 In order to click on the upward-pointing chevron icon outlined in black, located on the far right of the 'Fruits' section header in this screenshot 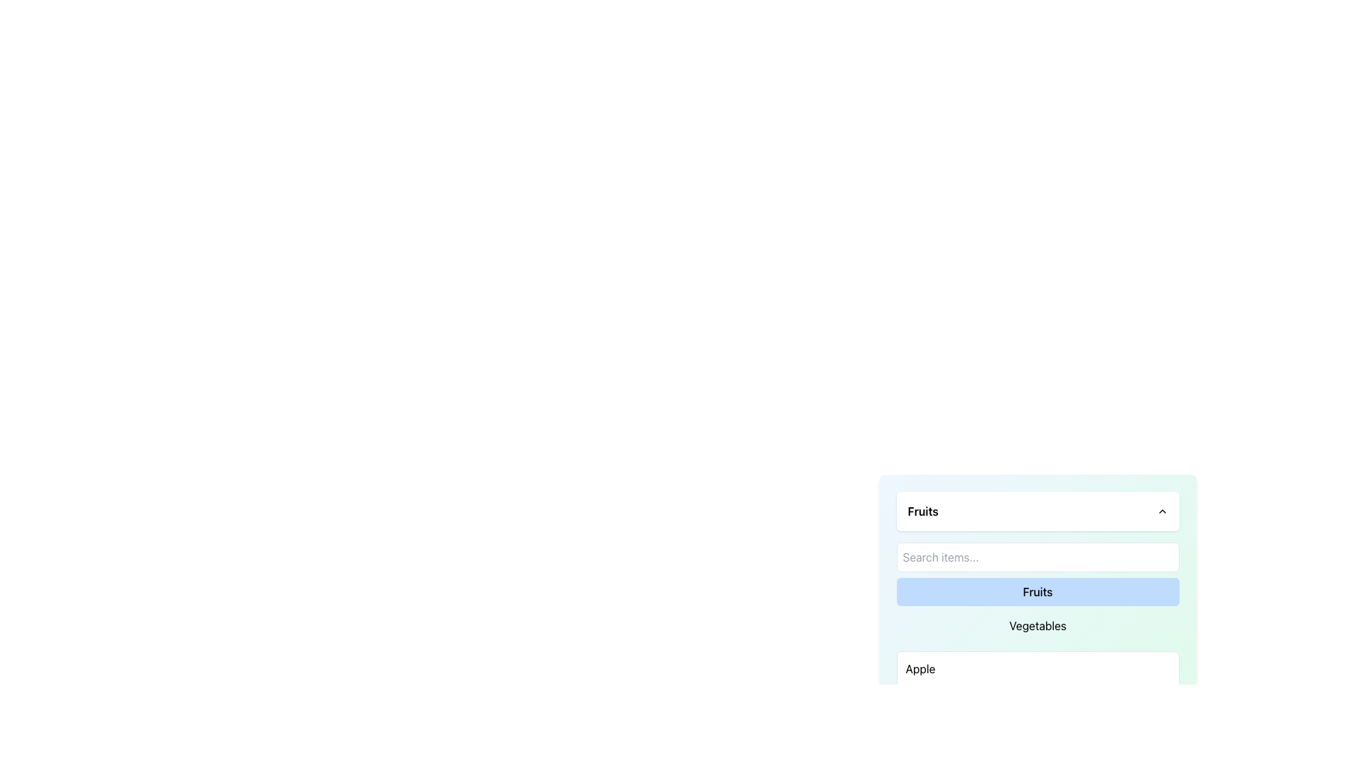, I will do `click(1162, 511)`.